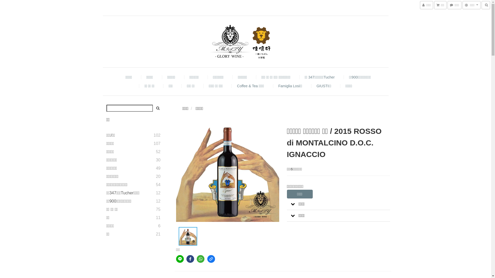 This screenshot has width=495, height=278. What do you see at coordinates (196, 259) in the screenshot?
I see `'whatsapp'` at bounding box center [196, 259].